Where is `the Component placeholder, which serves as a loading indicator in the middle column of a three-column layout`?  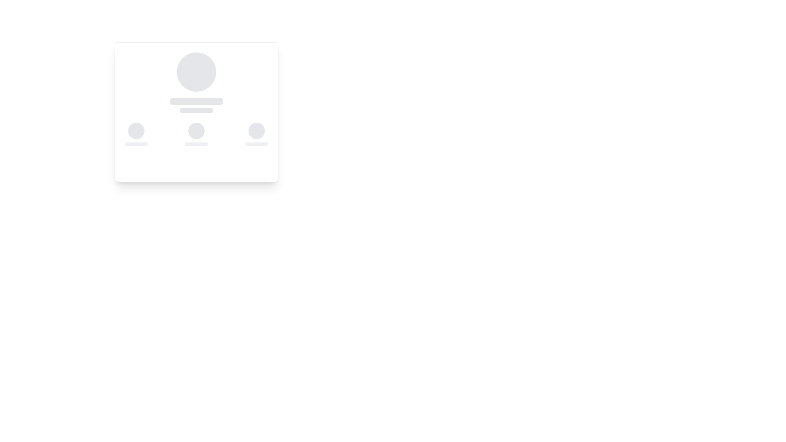
the Component placeholder, which serves as a loading indicator in the middle column of a three-column layout is located at coordinates (196, 133).